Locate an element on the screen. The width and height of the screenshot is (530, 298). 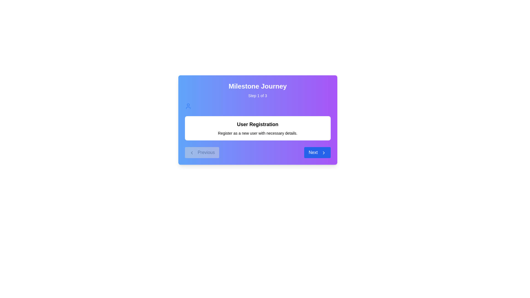
the right-pointing chevron icon next to the 'Next' button within the blue button in the bottom-right corner of the panel is located at coordinates (324, 153).